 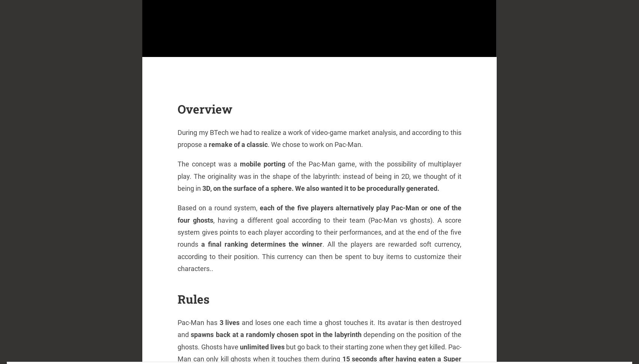 I want to click on 'Based on a round system,', so click(x=219, y=208).